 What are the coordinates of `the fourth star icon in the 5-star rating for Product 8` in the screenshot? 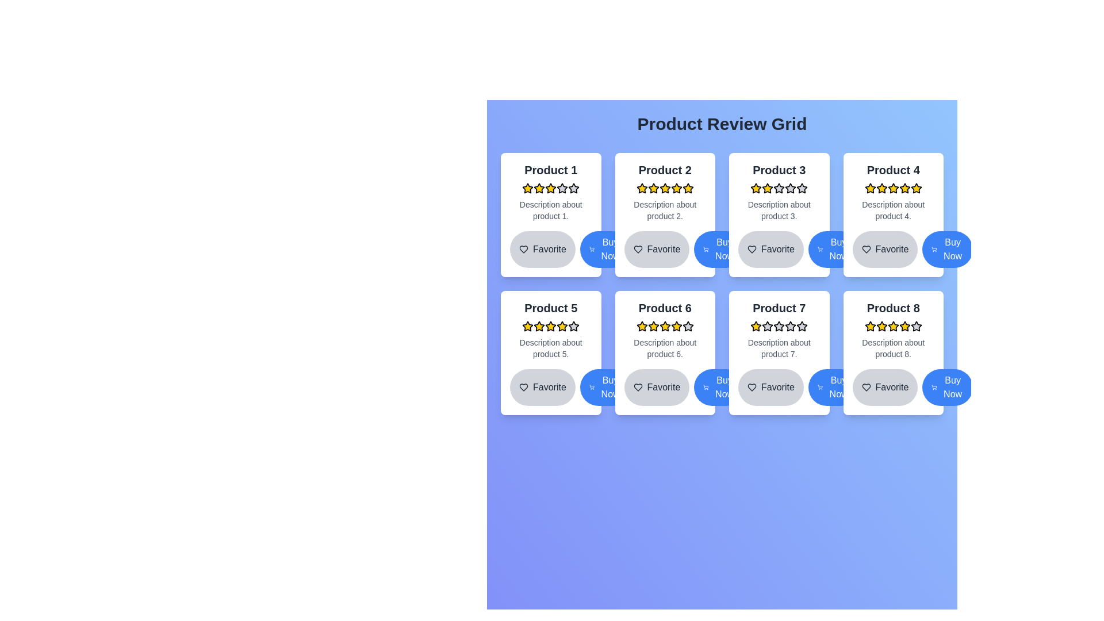 It's located at (892, 326).